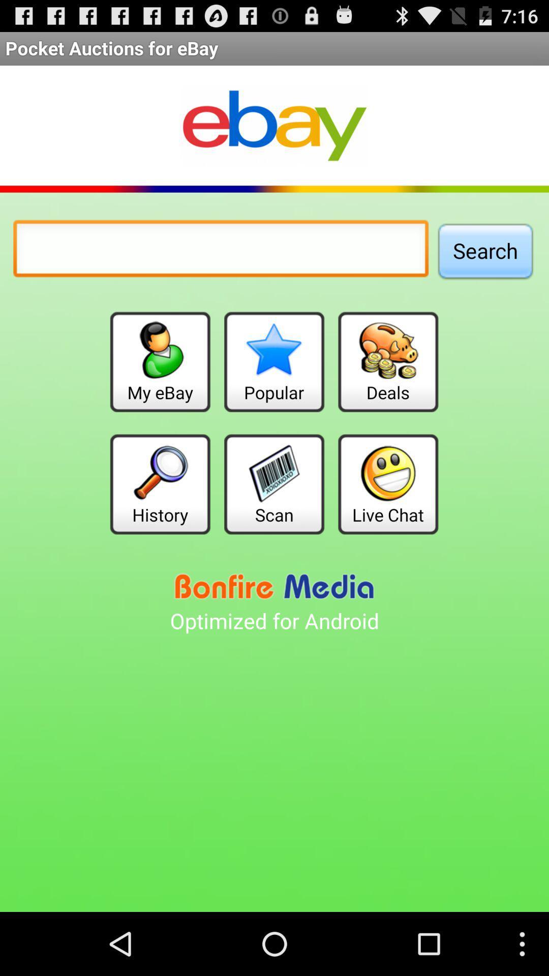 Image resolution: width=549 pixels, height=976 pixels. Describe the element at coordinates (273, 362) in the screenshot. I see `the item next to my ebay item` at that location.